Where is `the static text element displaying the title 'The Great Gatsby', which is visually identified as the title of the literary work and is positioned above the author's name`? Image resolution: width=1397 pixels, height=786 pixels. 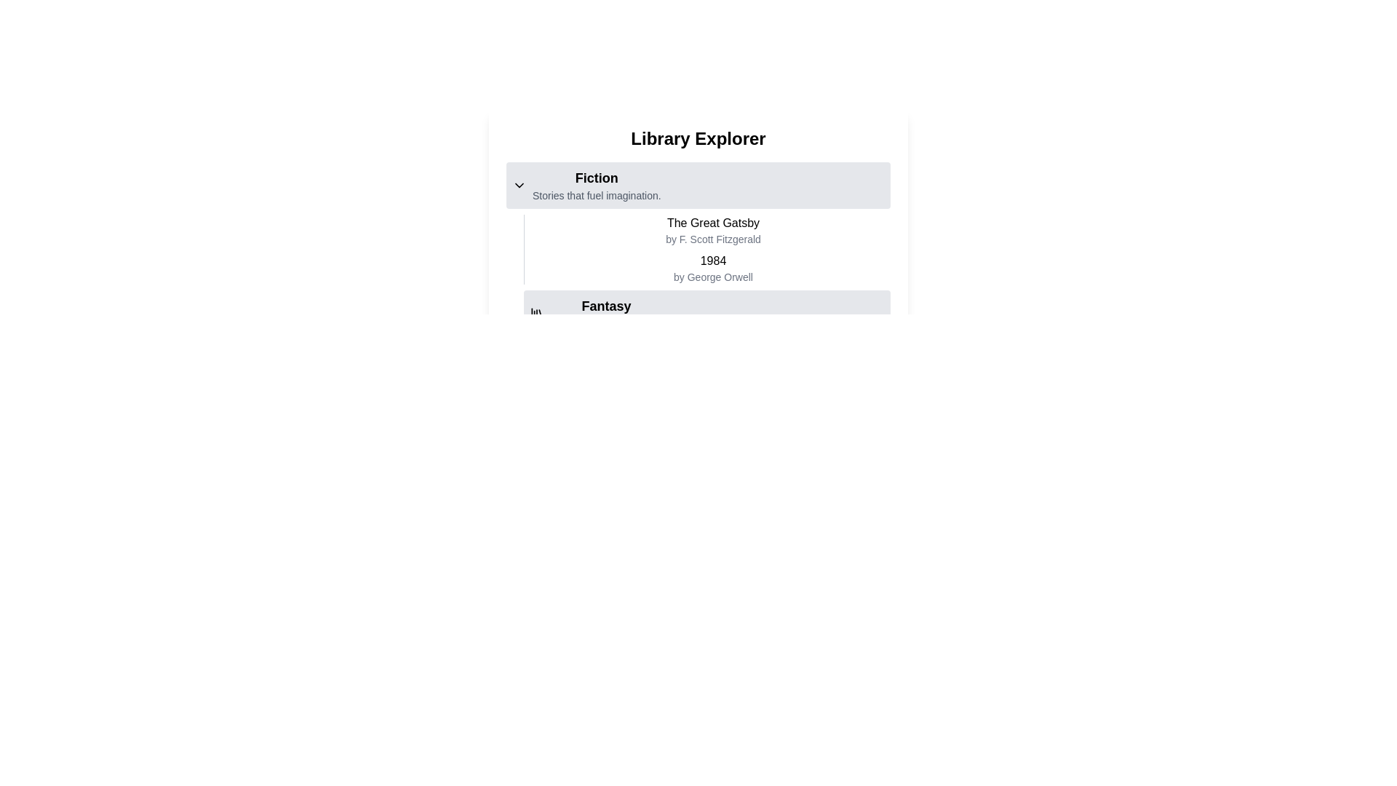 the static text element displaying the title 'The Great Gatsby', which is visually identified as the title of the literary work and is positioned above the author's name is located at coordinates (713, 223).